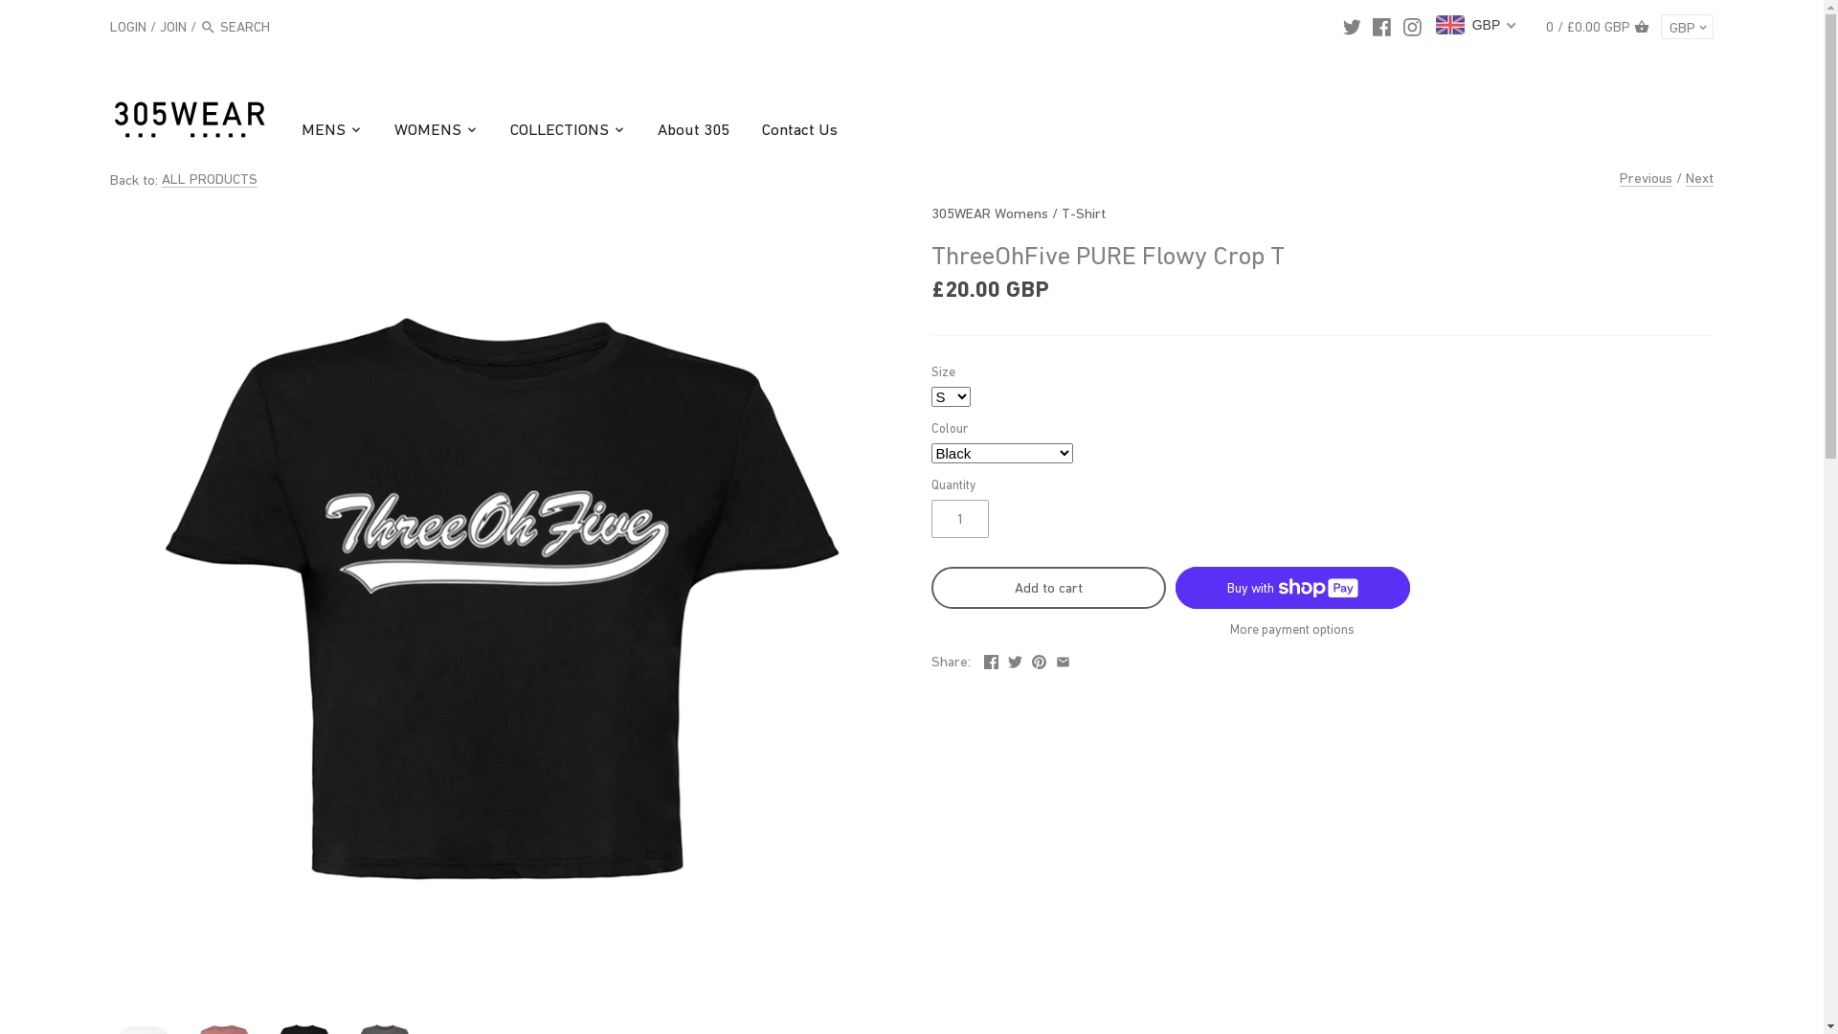  Describe the element at coordinates (799, 131) in the screenshot. I see `'Contact Us'` at that location.